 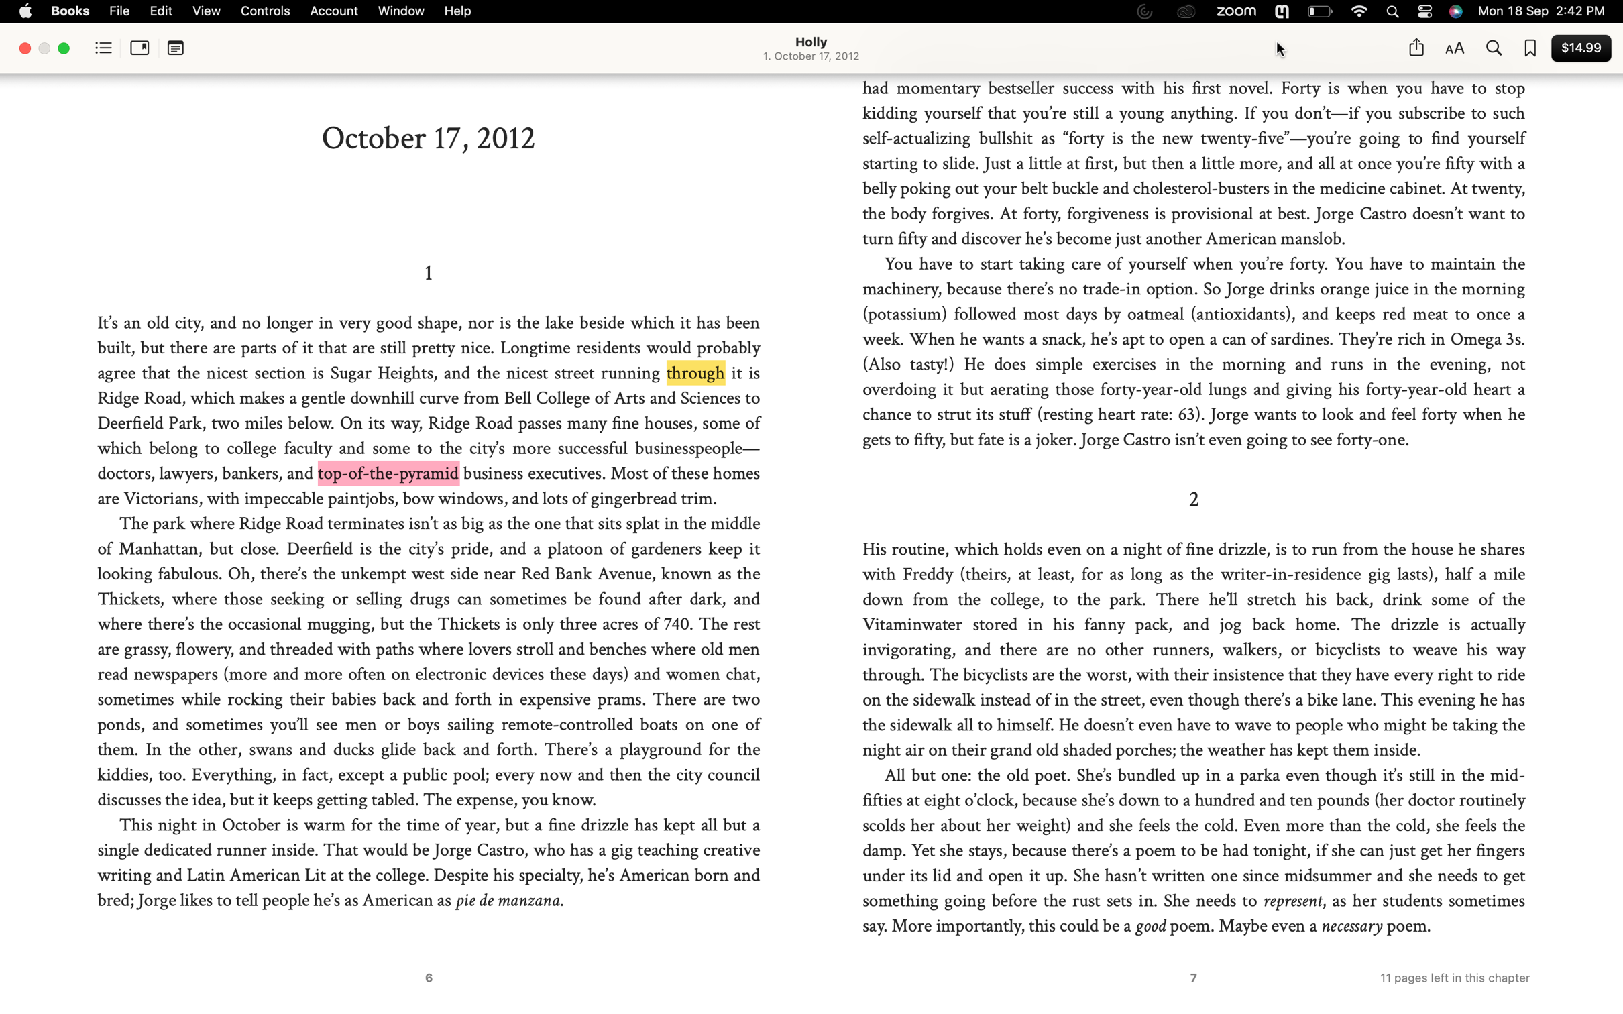 I want to click on Save the current webpage to your bookmarks and access the list of all bookmarked pages, so click(x=1530, y=49).